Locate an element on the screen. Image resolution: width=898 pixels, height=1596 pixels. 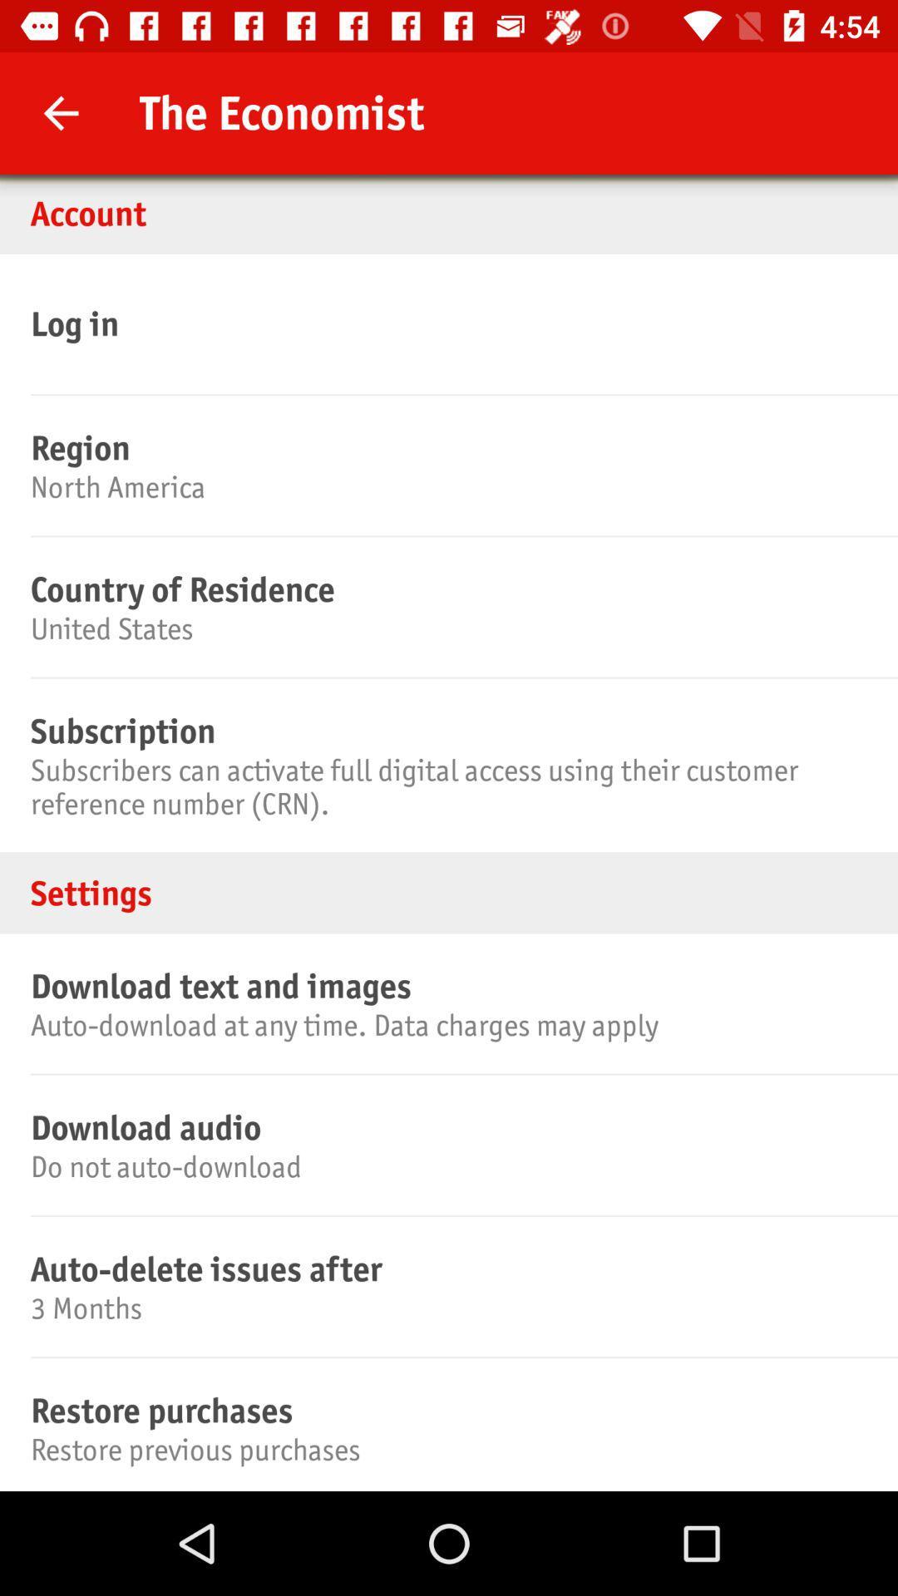
icon above restore purchases icon is located at coordinates (446, 1307).